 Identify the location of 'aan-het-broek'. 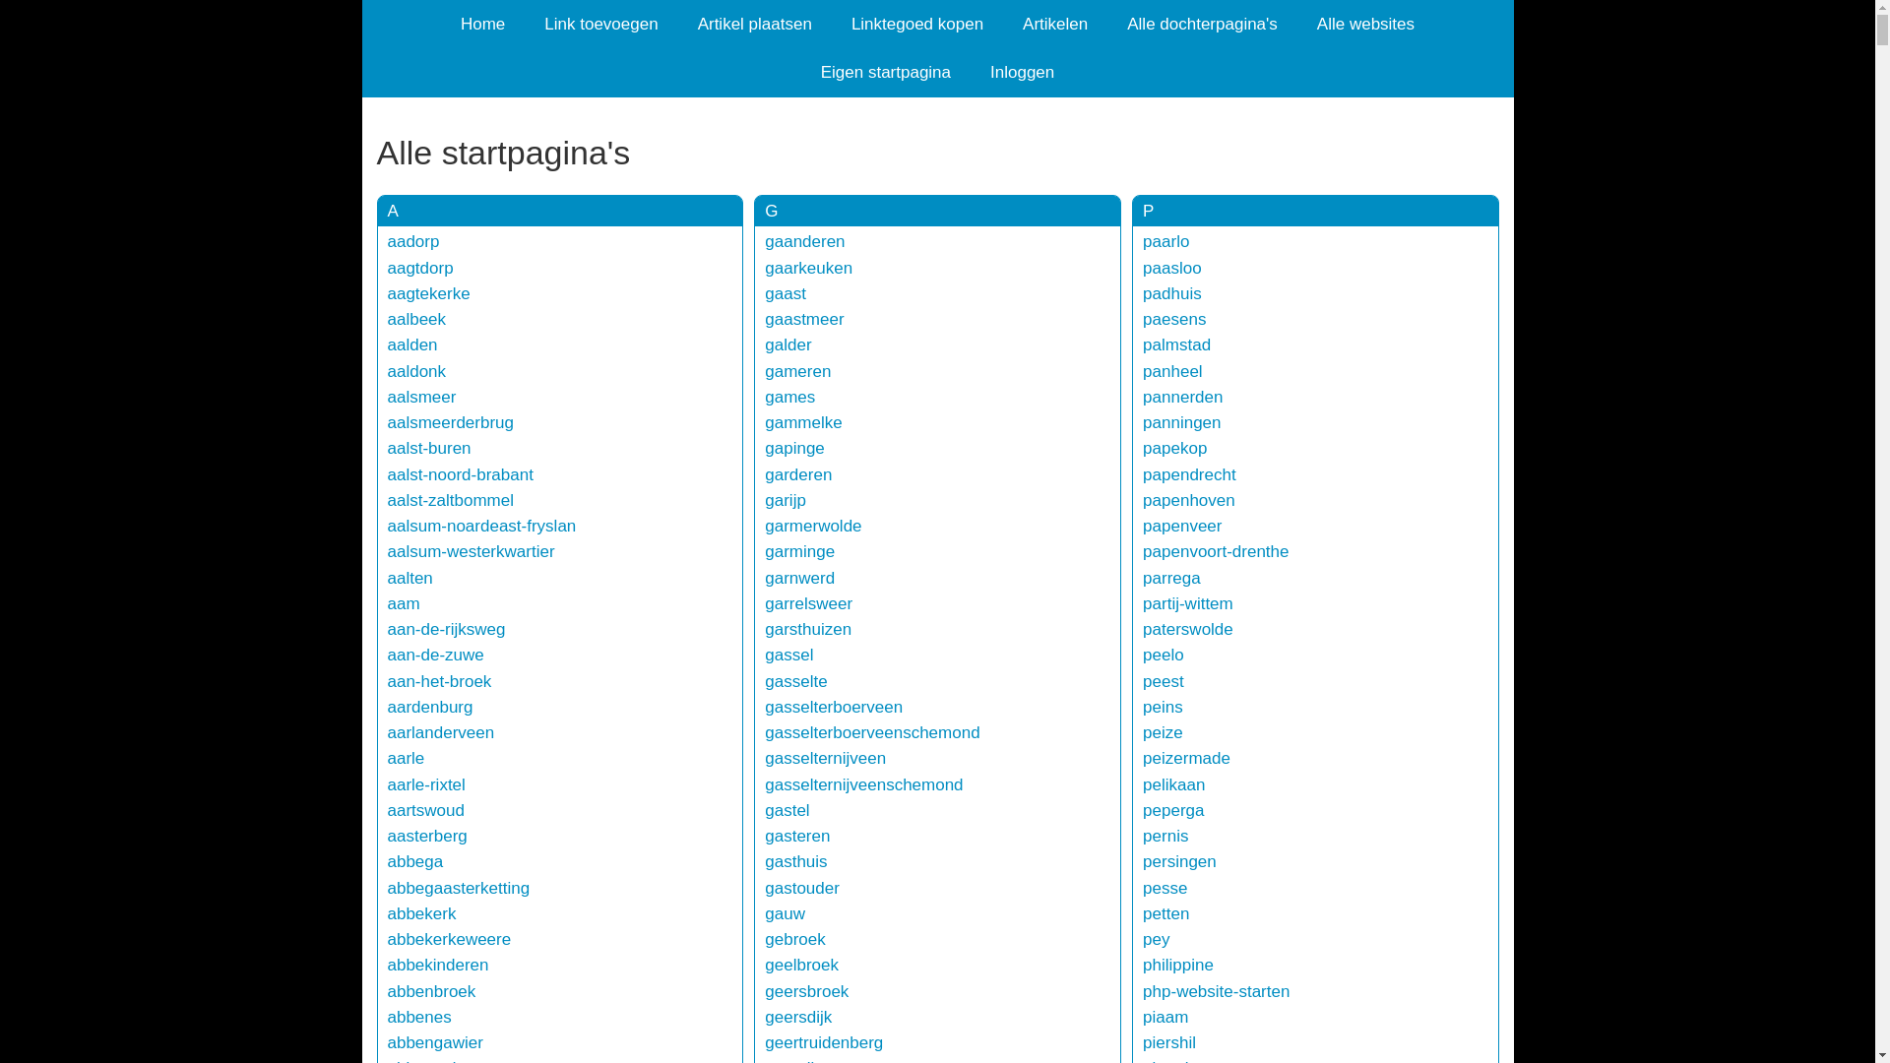
(387, 680).